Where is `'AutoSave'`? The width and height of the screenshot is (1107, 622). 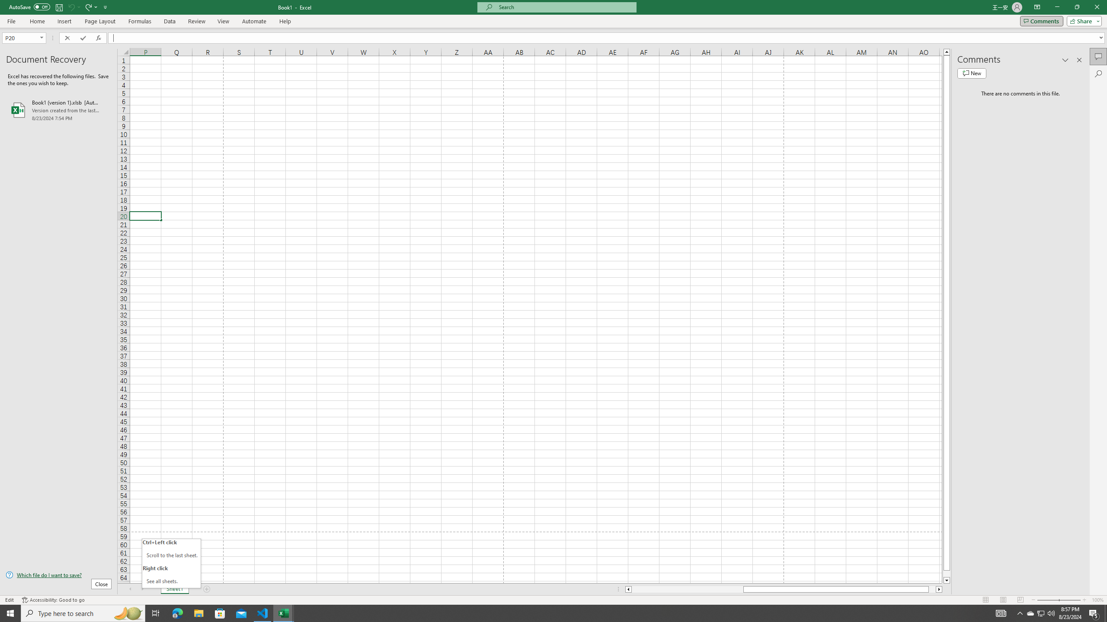
'AutoSave' is located at coordinates (30, 6).